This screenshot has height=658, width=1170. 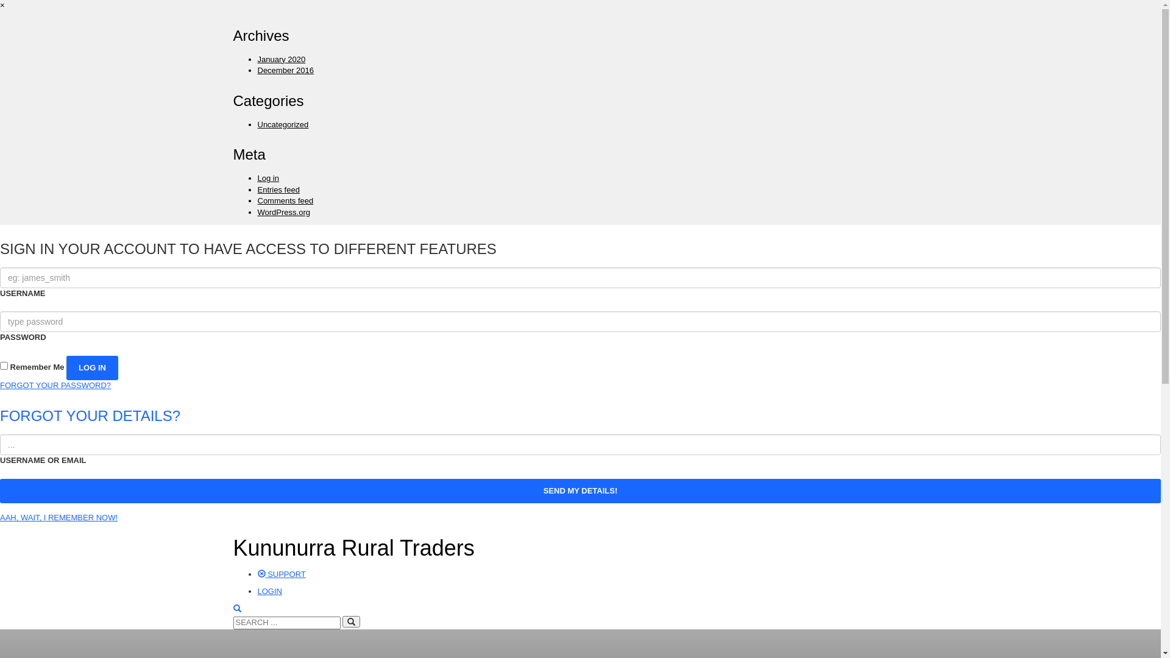 What do you see at coordinates (267, 178) in the screenshot?
I see `'Log in'` at bounding box center [267, 178].